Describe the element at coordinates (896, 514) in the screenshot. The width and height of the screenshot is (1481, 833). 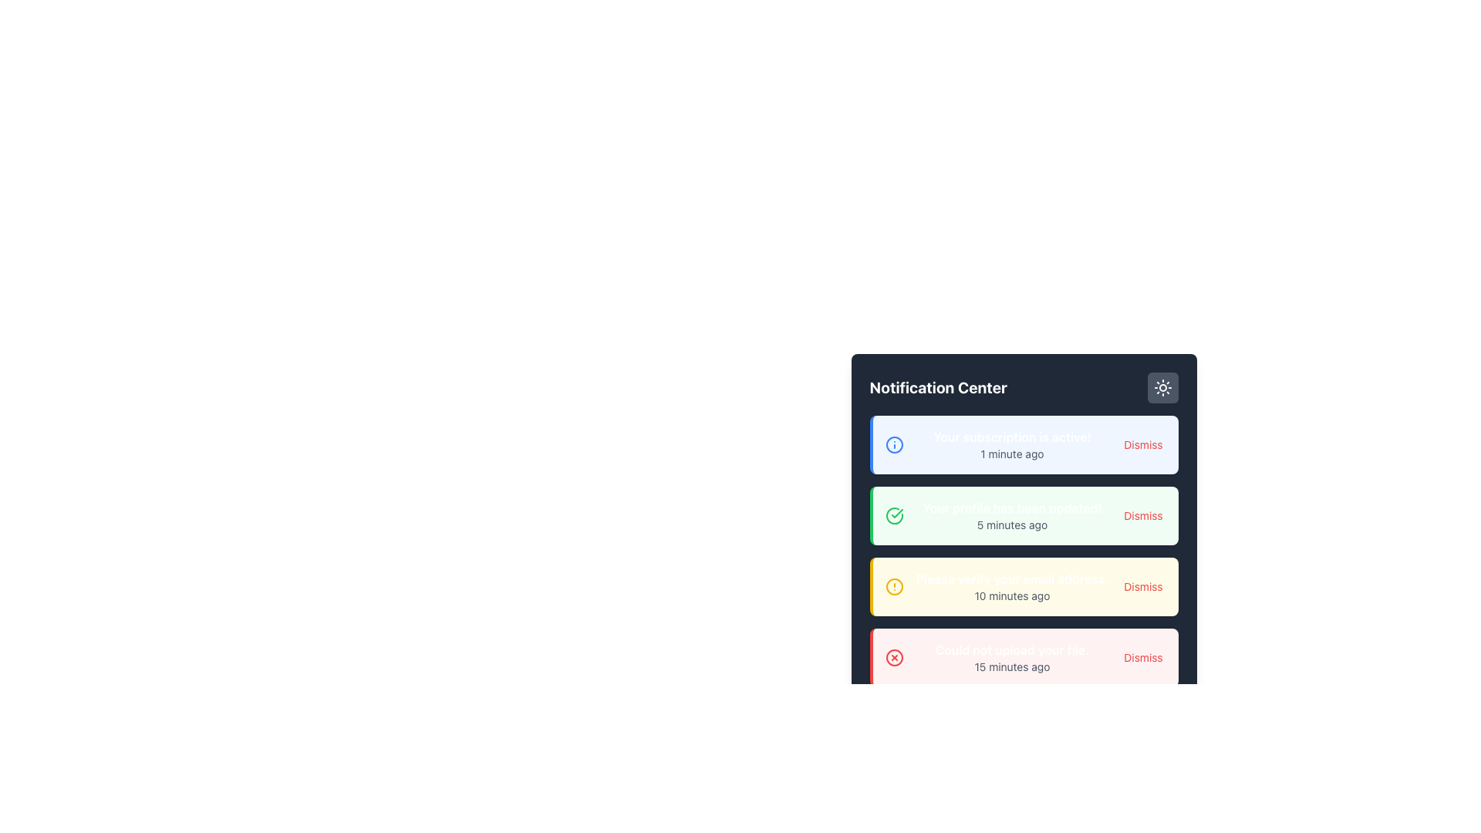
I see `the green checkmark SVG icon indicating successful status, located in the second card of the vertically stacked notification list in the notification center` at that location.